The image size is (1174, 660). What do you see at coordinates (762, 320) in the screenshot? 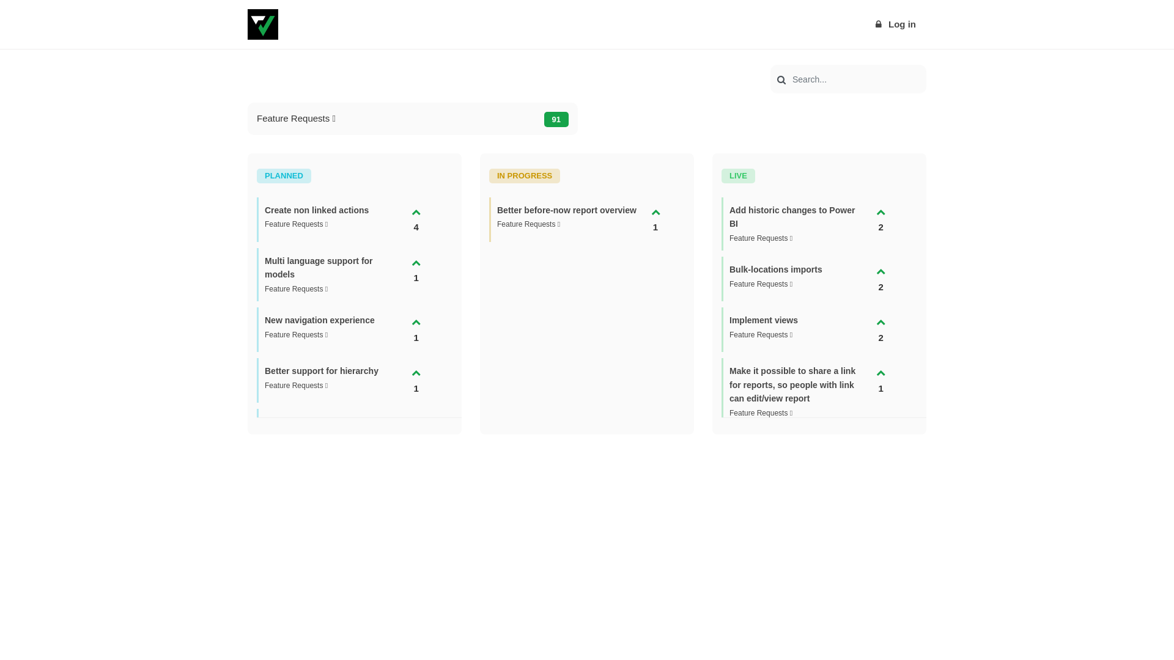
I see `'Implement views'` at bounding box center [762, 320].